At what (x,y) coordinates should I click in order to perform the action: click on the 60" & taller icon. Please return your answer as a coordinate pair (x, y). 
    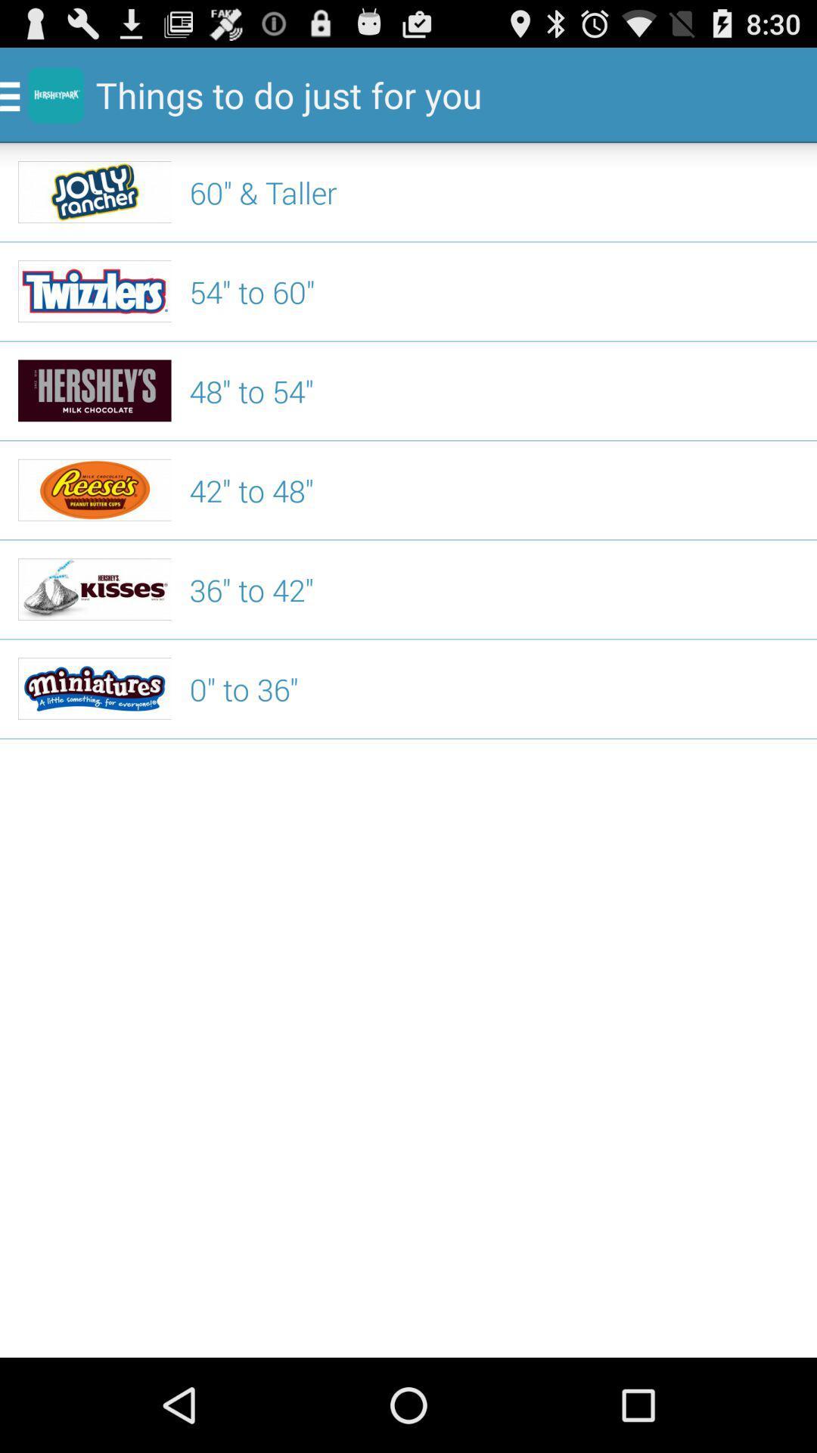
    Looking at the image, I should click on (494, 191).